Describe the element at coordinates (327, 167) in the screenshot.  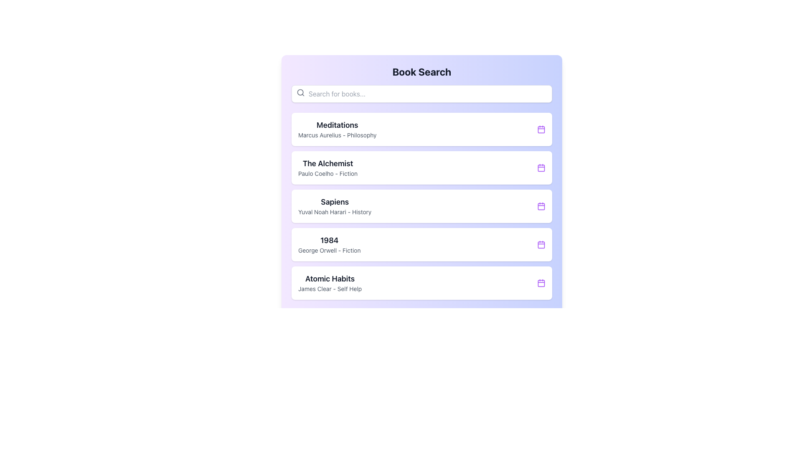
I see `title 'The Alchemist' and author 'Paulo Coelho' from the text block that describes the second book in the list` at that location.